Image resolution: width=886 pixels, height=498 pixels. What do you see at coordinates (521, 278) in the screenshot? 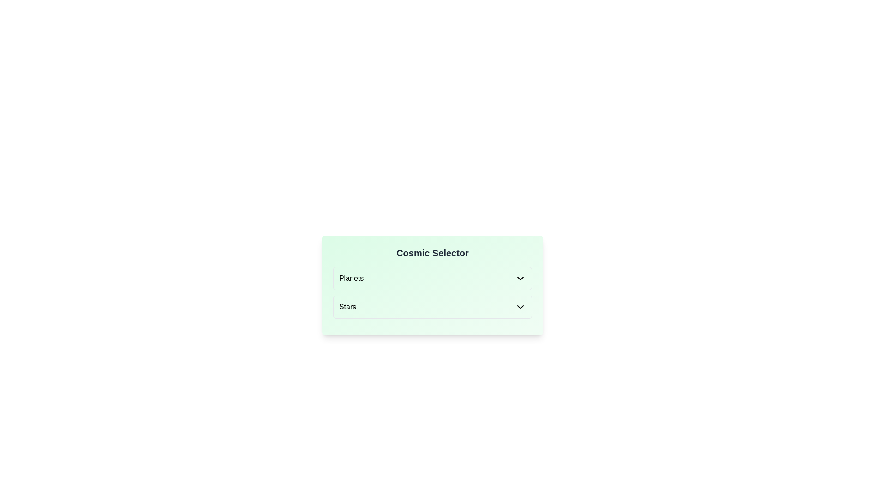
I see `the downward-facing chevron icon located to the right of the 'Planets' text` at bounding box center [521, 278].